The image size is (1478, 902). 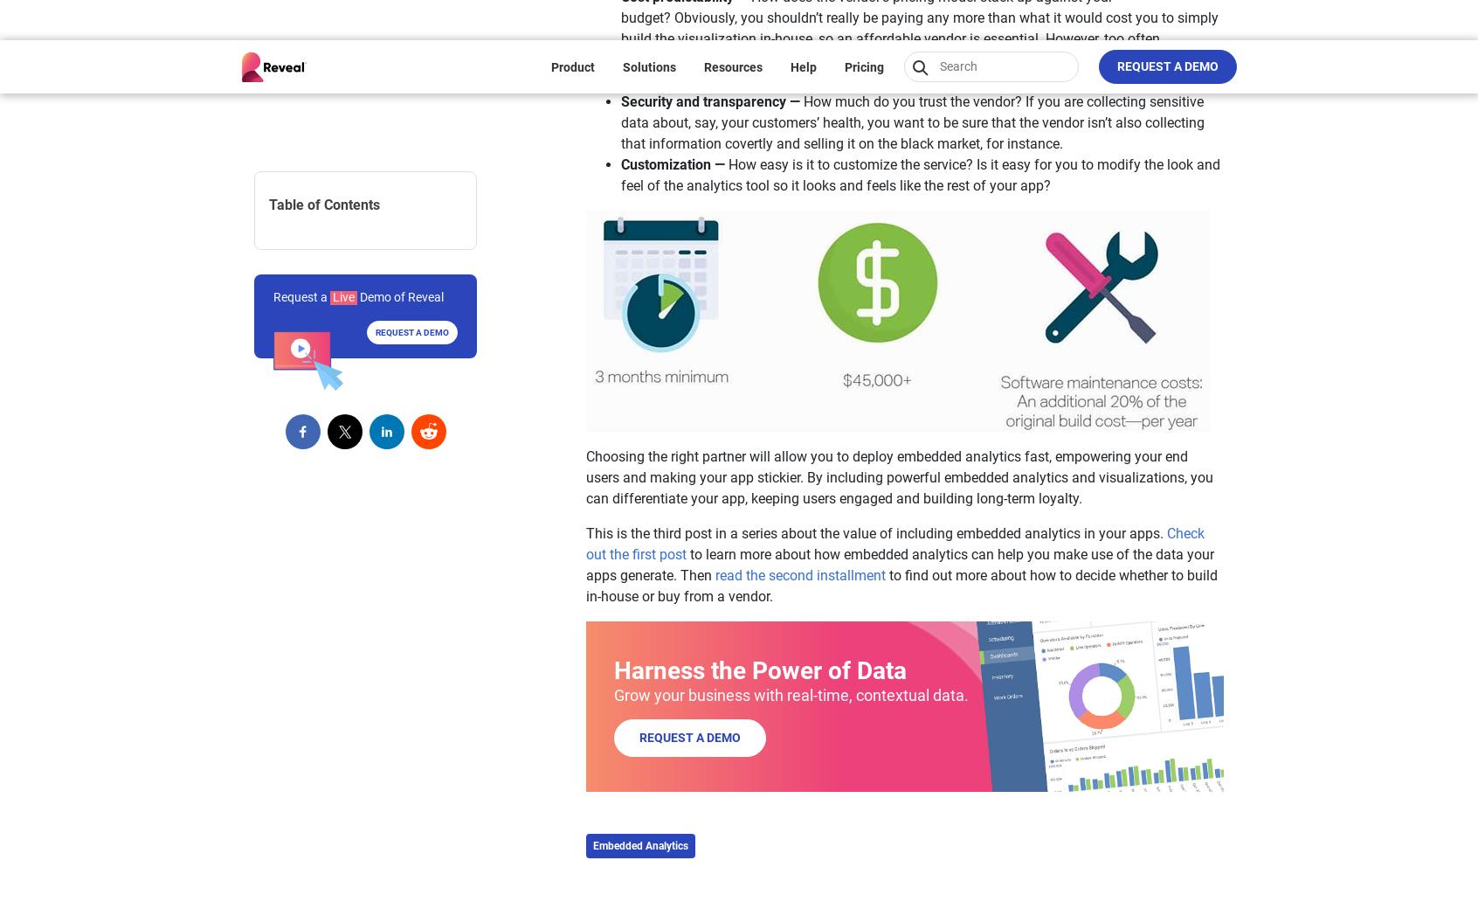 I want to click on 'Subscribe now for hand-picked articles, eBooks, and events, straight to your inbox. Your email is safe with us, we don't spam.', so click(x=929, y=415).